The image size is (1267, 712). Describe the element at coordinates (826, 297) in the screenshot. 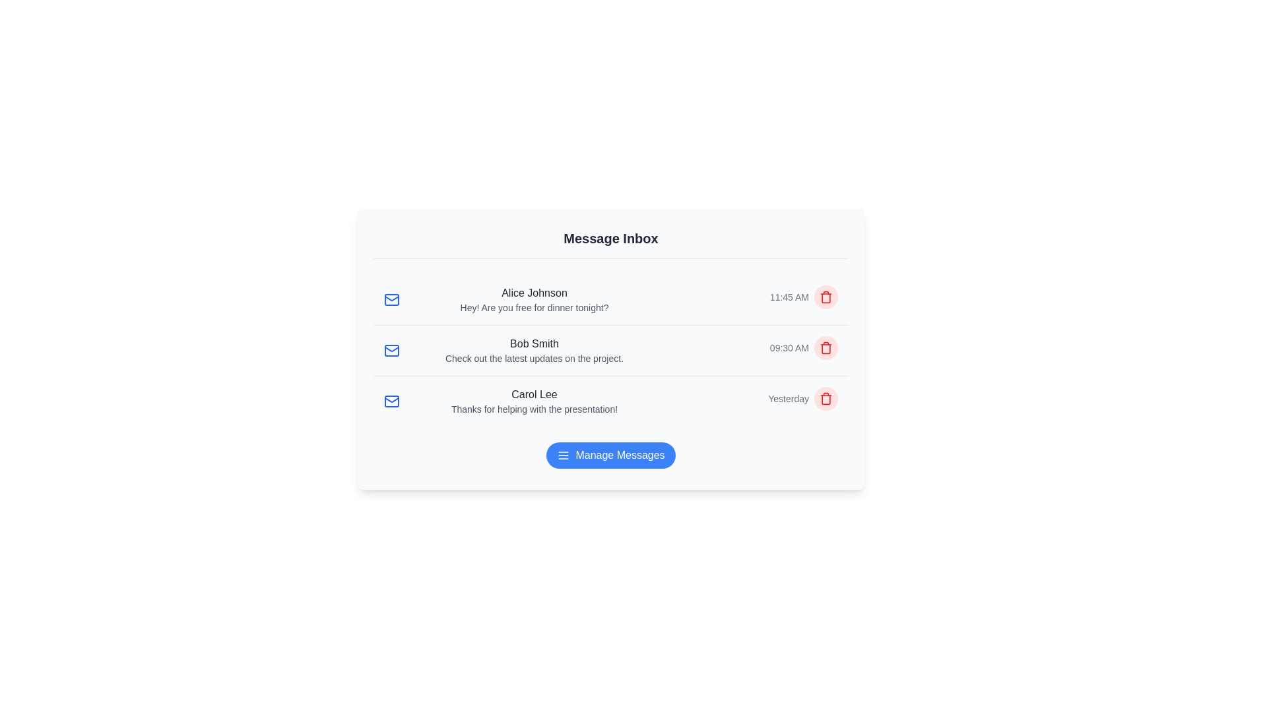

I see `the delete button for the message from Alice Johnson` at that location.